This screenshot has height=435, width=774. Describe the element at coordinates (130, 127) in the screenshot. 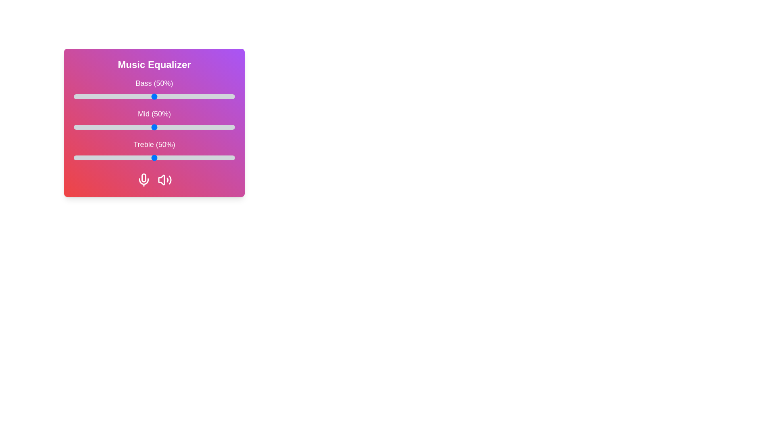

I see `the 1 slider to 35%` at that location.